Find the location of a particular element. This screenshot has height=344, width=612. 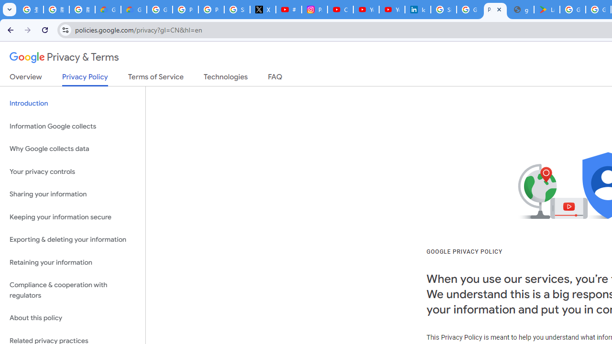

'Your privacy controls' is located at coordinates (72, 171).